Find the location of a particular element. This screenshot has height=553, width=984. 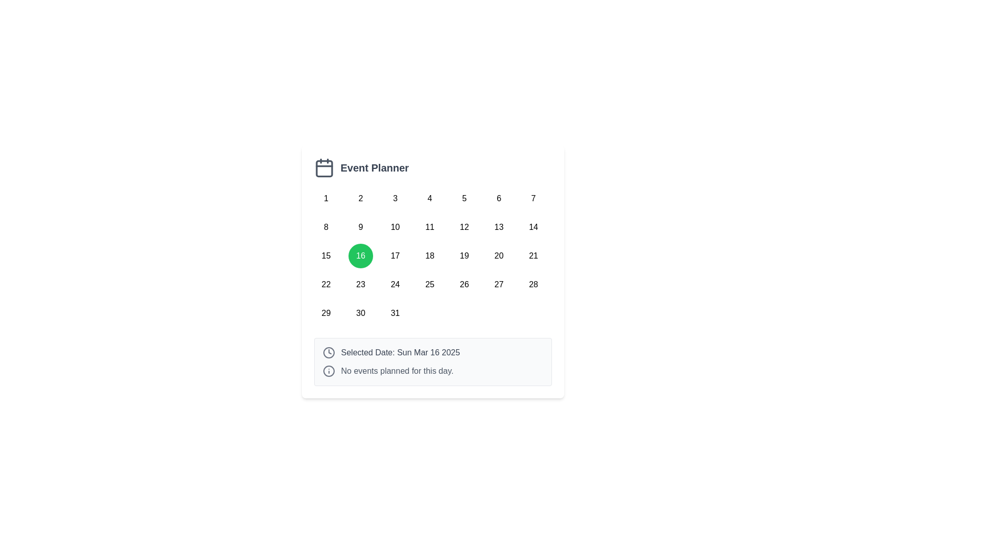

the circular SVG element within the clock icon, which is positioned at the top-left section of the interface, above the calendar and event information is located at coordinates (329, 352).